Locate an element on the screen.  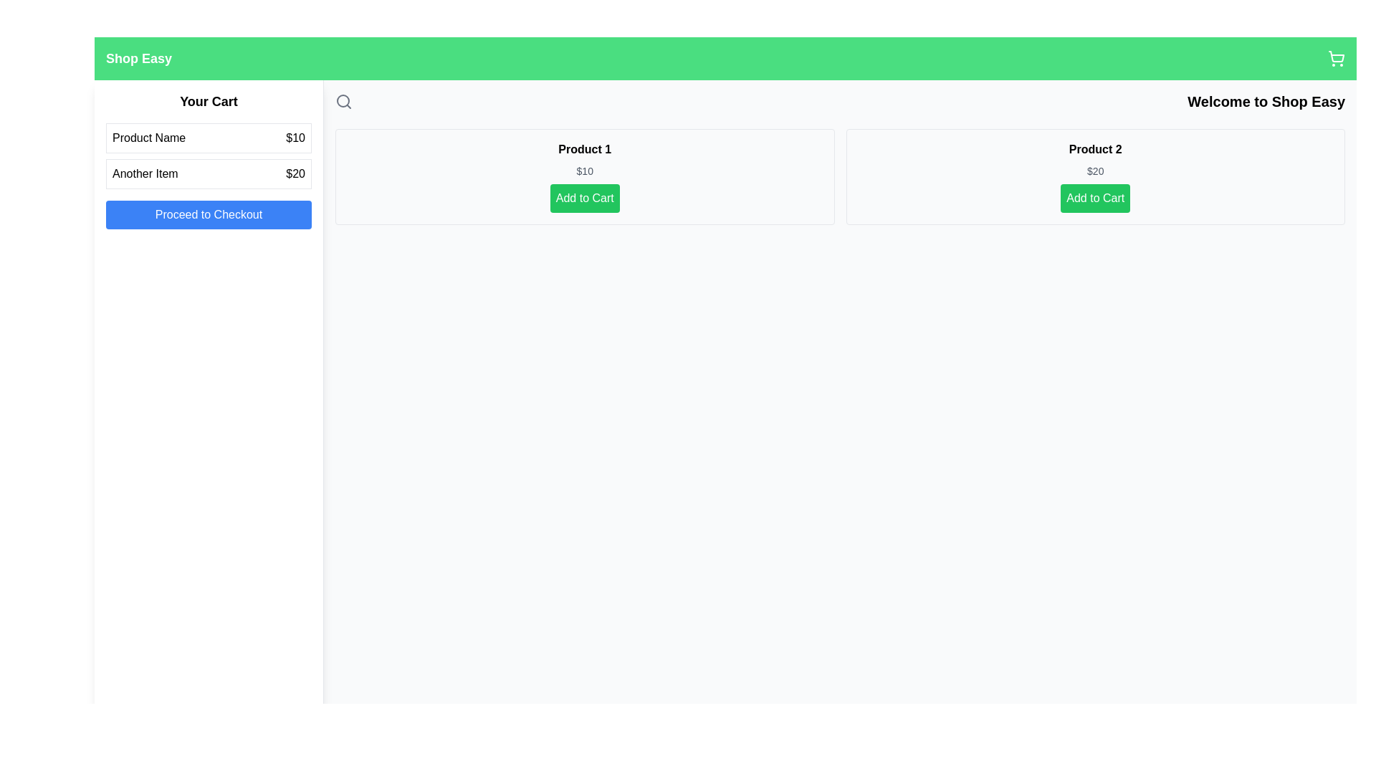
the static text label displaying '$10' in black sans-serif font, which is positioned in the cart section next to the 'Product Name' label is located at coordinates (295, 138).